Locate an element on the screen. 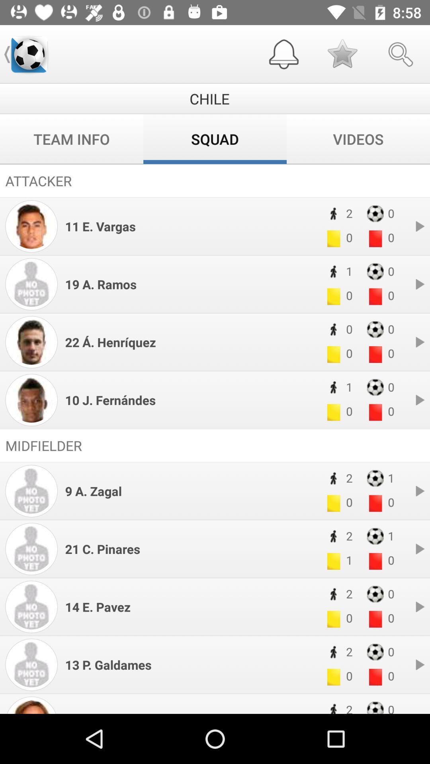 This screenshot has height=764, width=430. the forward icon of 19 aramos is located at coordinates (419, 284).